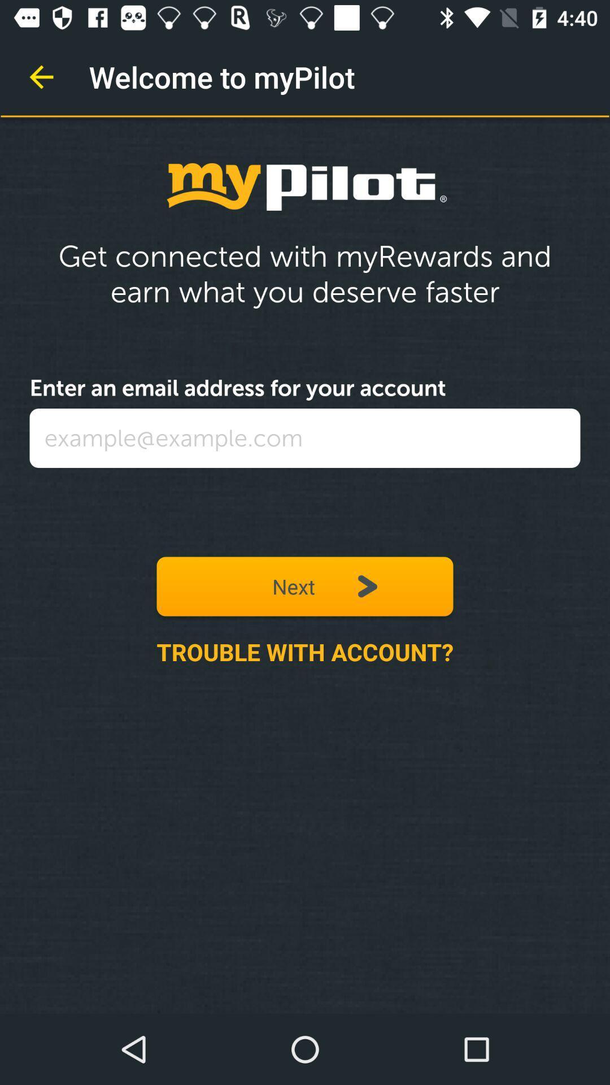 The image size is (610, 1085). What do you see at coordinates (305, 437) in the screenshot?
I see `the icon above next icon` at bounding box center [305, 437].